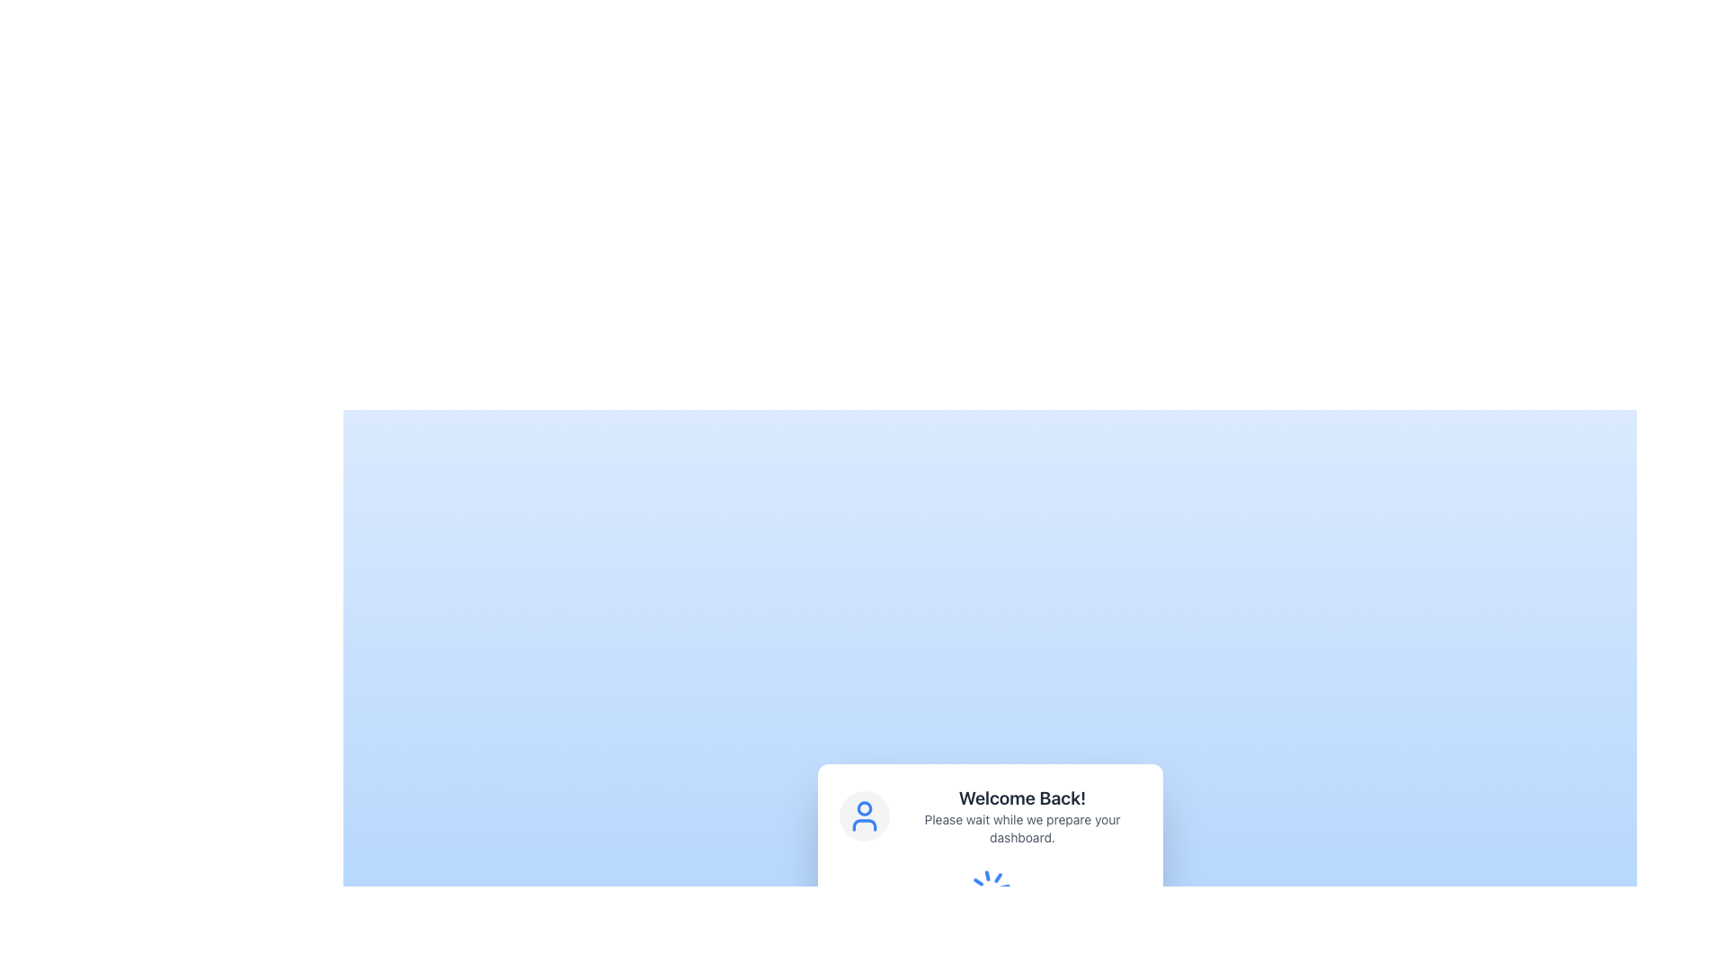  Describe the element at coordinates (864, 815) in the screenshot. I see `the decorative icon located at the top-left corner of the welcoming card, which contains the title 'Welcome Back!' and the subtitle 'Please wait while we prepare your dashboard.'` at that location.